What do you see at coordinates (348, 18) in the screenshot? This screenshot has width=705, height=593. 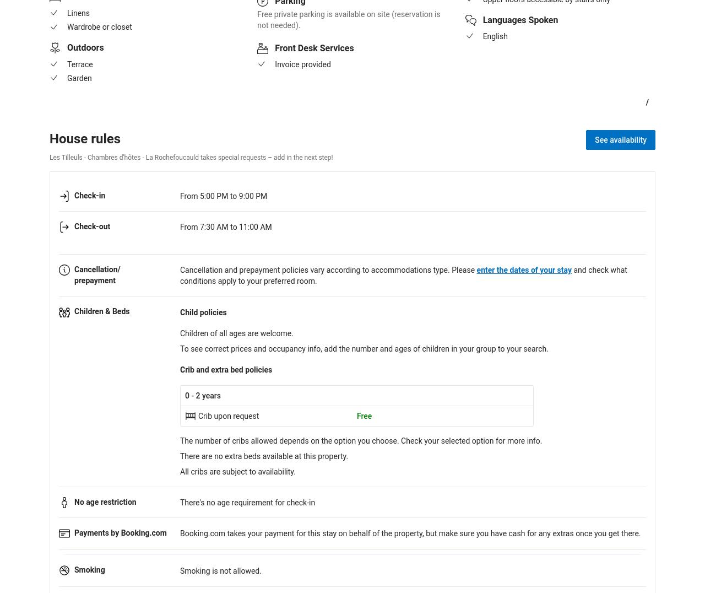 I see `'Free private parking is available on site (reservation is not needed).'` at bounding box center [348, 18].